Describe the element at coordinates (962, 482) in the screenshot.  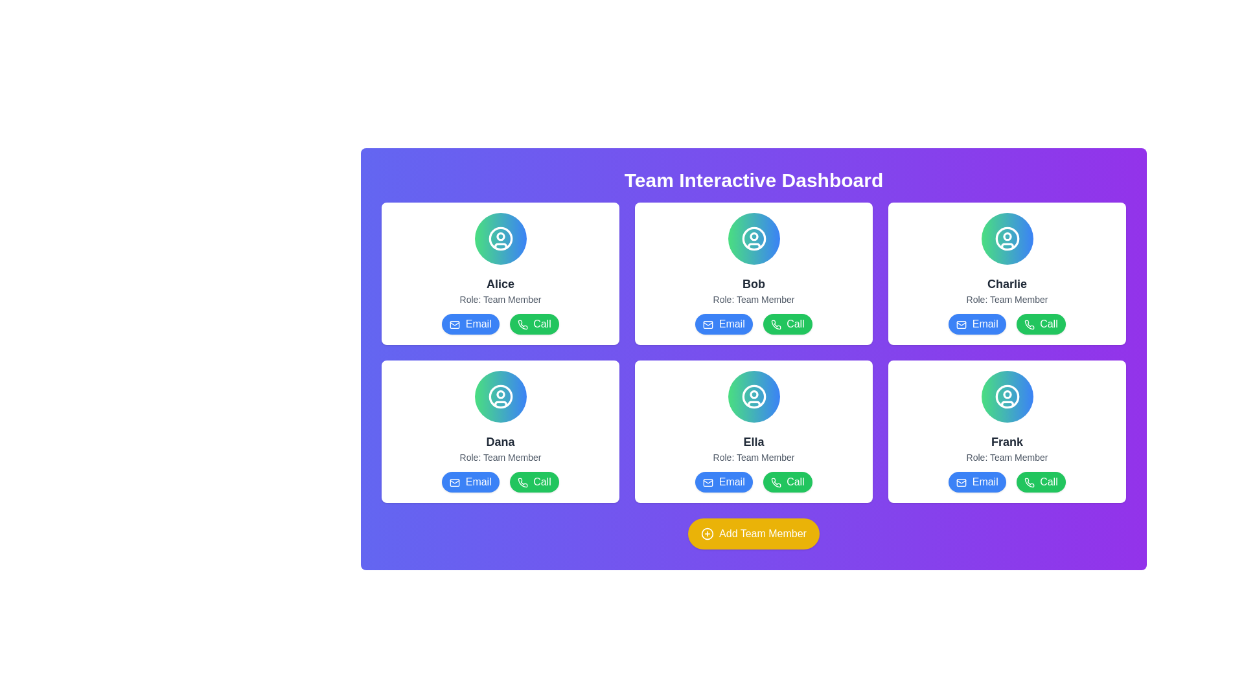
I see `the blue 'Email' button containing the rectangular envelope icon` at that location.